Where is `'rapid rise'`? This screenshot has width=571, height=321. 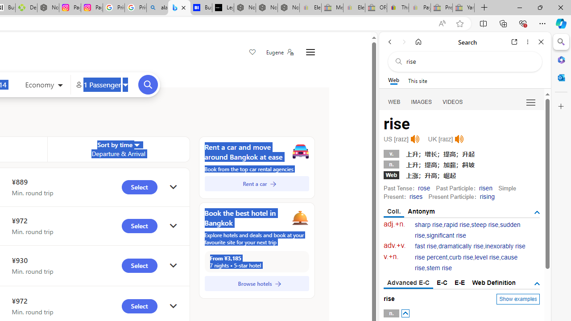
'rapid rise' is located at coordinates (457, 224).